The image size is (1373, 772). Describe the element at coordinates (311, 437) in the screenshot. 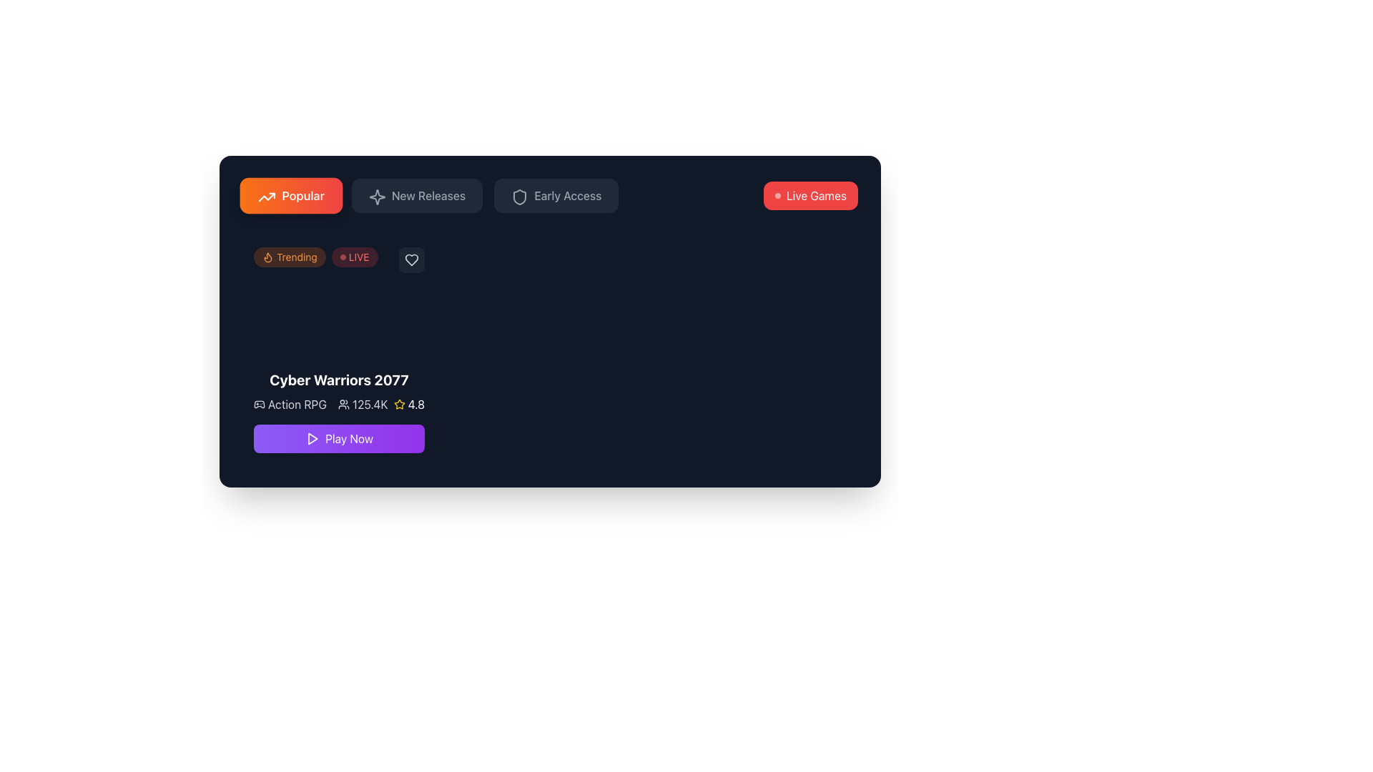

I see `the triangle-shaped SVG graphic representing the play button, which is located to the left of the 'Play Now' button` at that location.